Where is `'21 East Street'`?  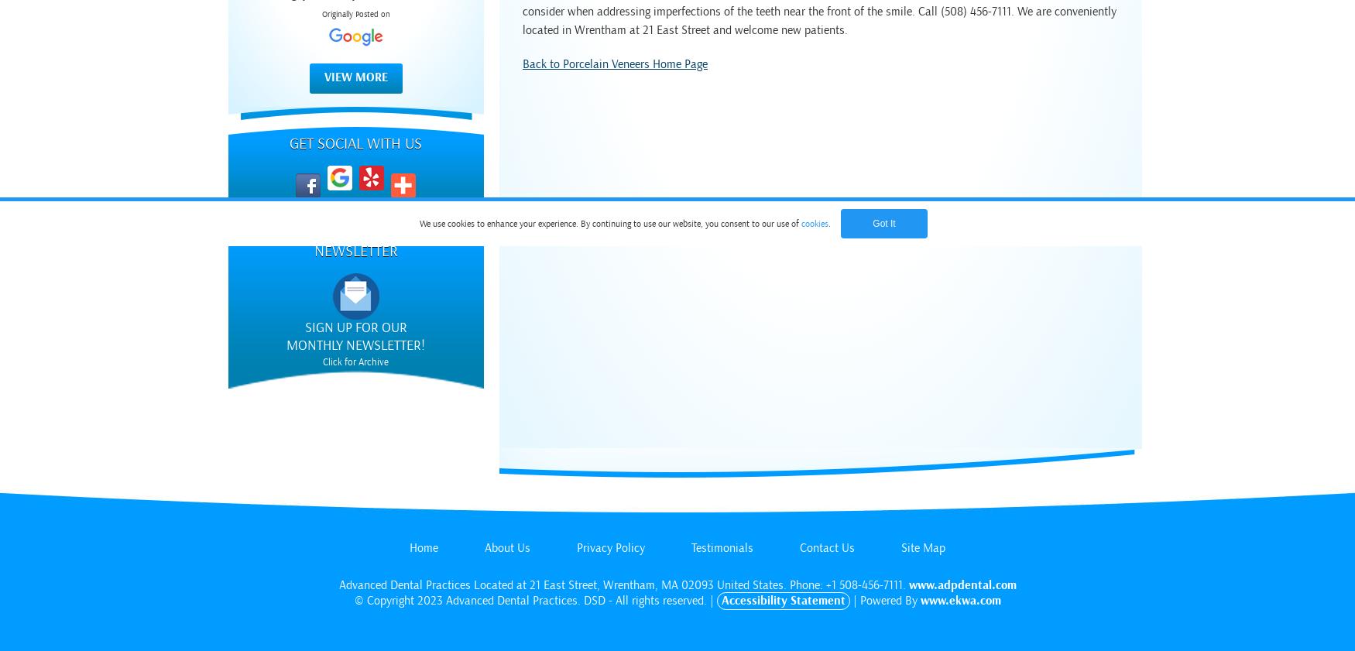
'21 East Street' is located at coordinates (562, 584).